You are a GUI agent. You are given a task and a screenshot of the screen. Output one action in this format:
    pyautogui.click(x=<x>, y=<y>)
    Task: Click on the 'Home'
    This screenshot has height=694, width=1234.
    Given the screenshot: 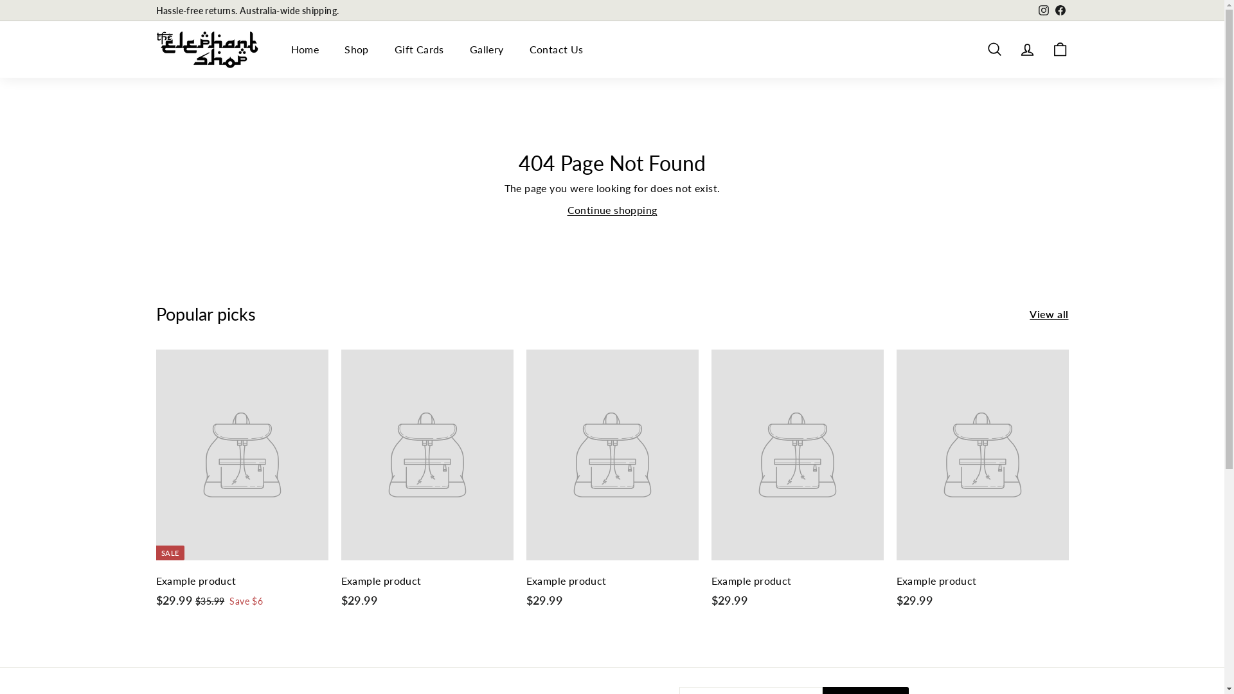 What is the action you would take?
    pyautogui.click(x=304, y=49)
    